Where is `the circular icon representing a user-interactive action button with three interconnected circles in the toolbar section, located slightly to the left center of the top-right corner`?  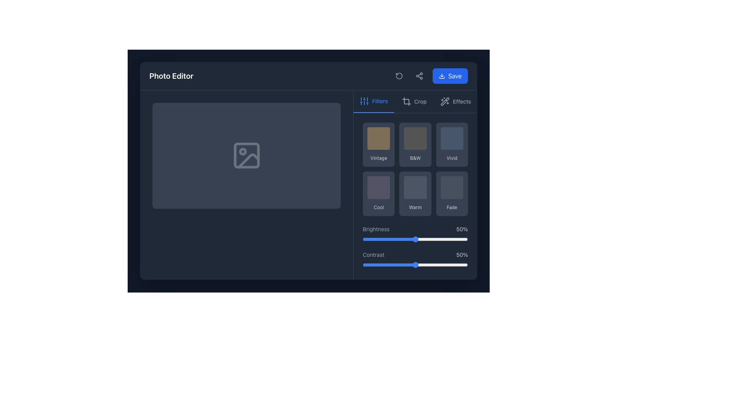
the circular icon representing a user-interactive action button with three interconnected circles in the toolbar section, located slightly to the left center of the top-right corner is located at coordinates (419, 76).